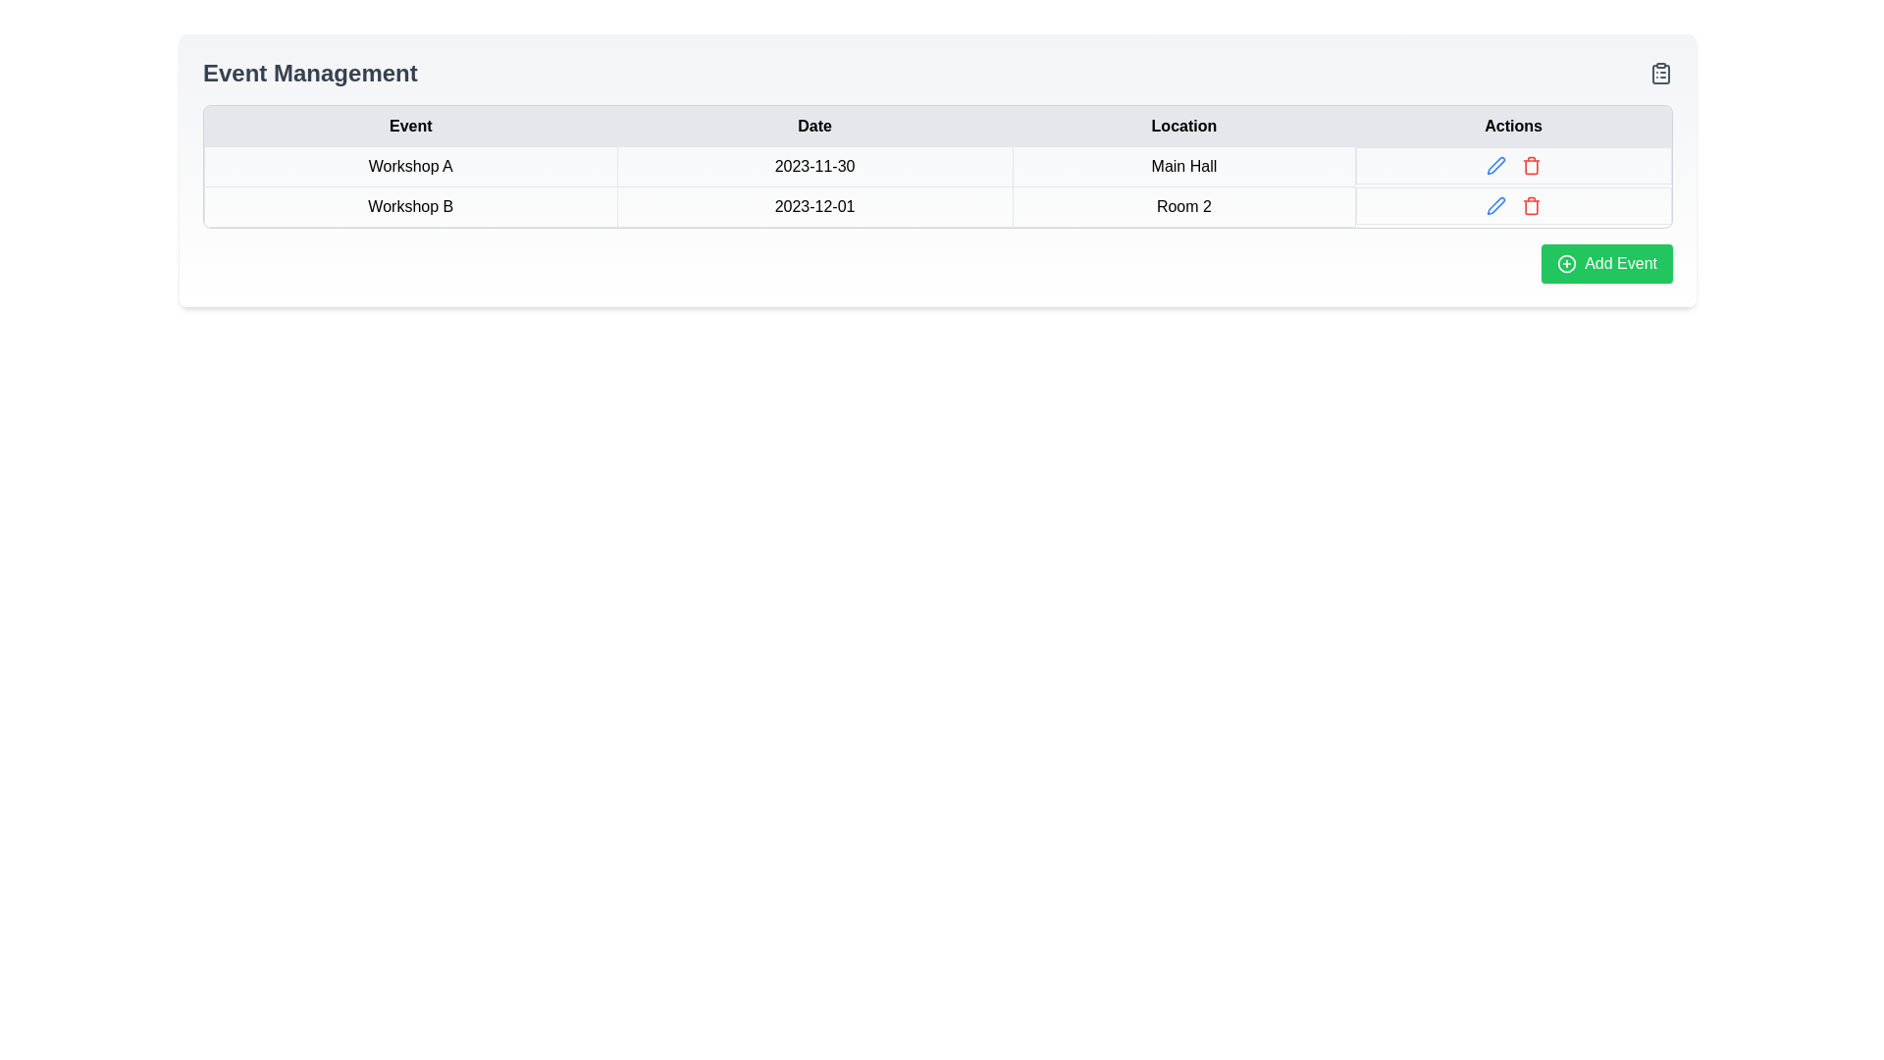 Image resolution: width=1884 pixels, height=1060 pixels. Describe the element at coordinates (814, 207) in the screenshot. I see `date displayed in the Text cell corresponding to the 'Workshop B' event in the second row of the data table under the 'Date' column` at that location.